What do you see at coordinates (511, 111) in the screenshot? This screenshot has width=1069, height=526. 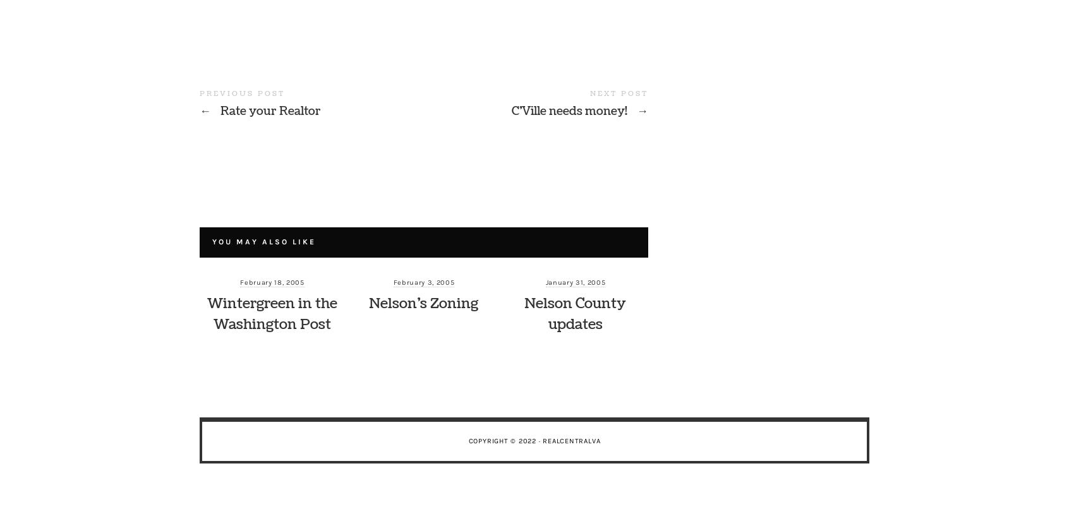 I see `'C’Ville needs money!'` at bounding box center [511, 111].